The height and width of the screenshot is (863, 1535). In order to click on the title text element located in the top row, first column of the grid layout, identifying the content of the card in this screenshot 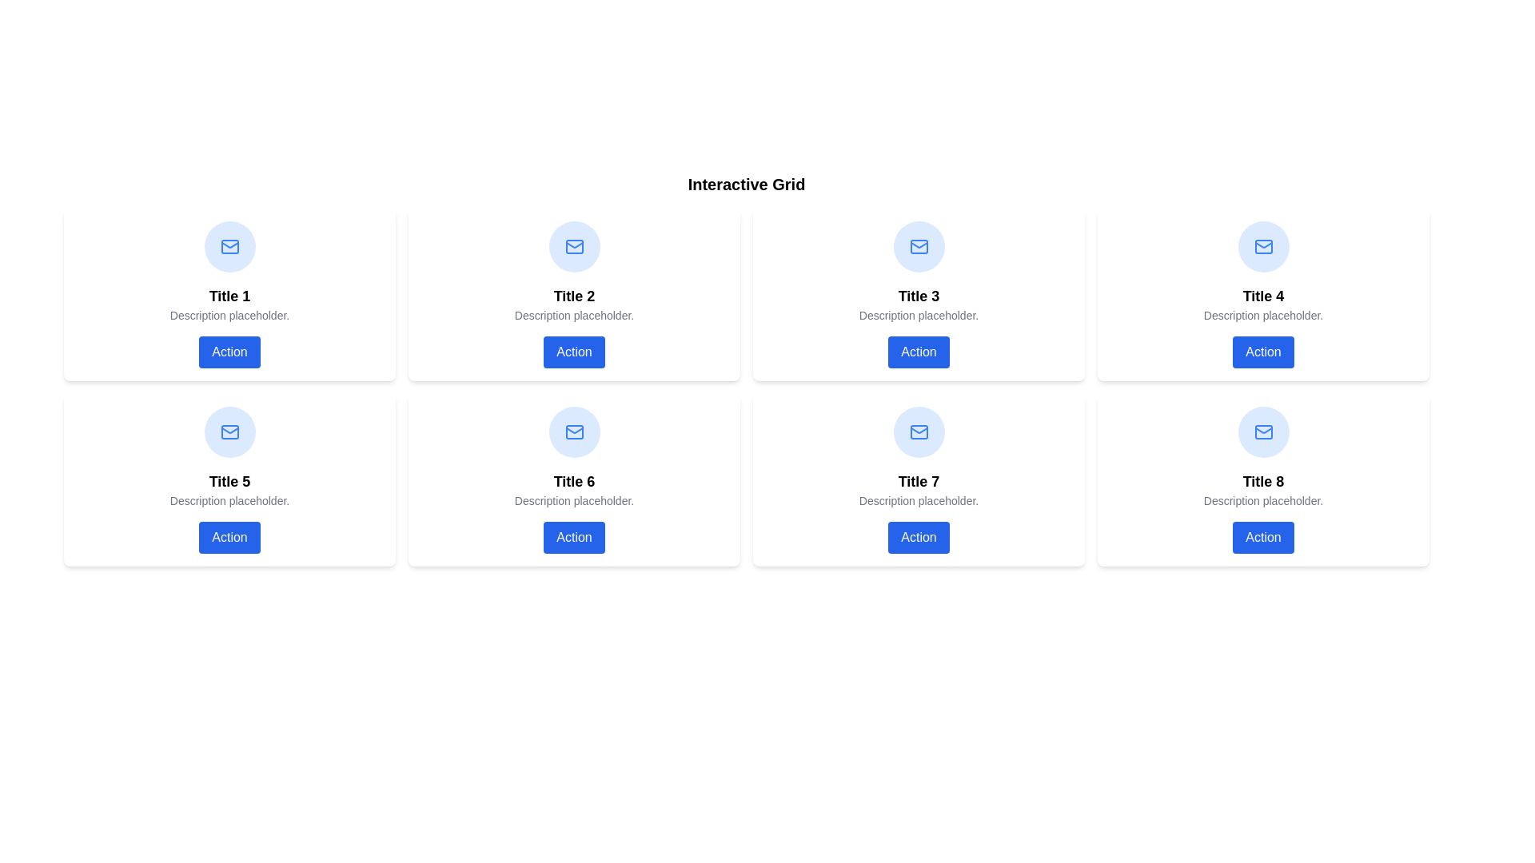, I will do `click(229, 296)`.